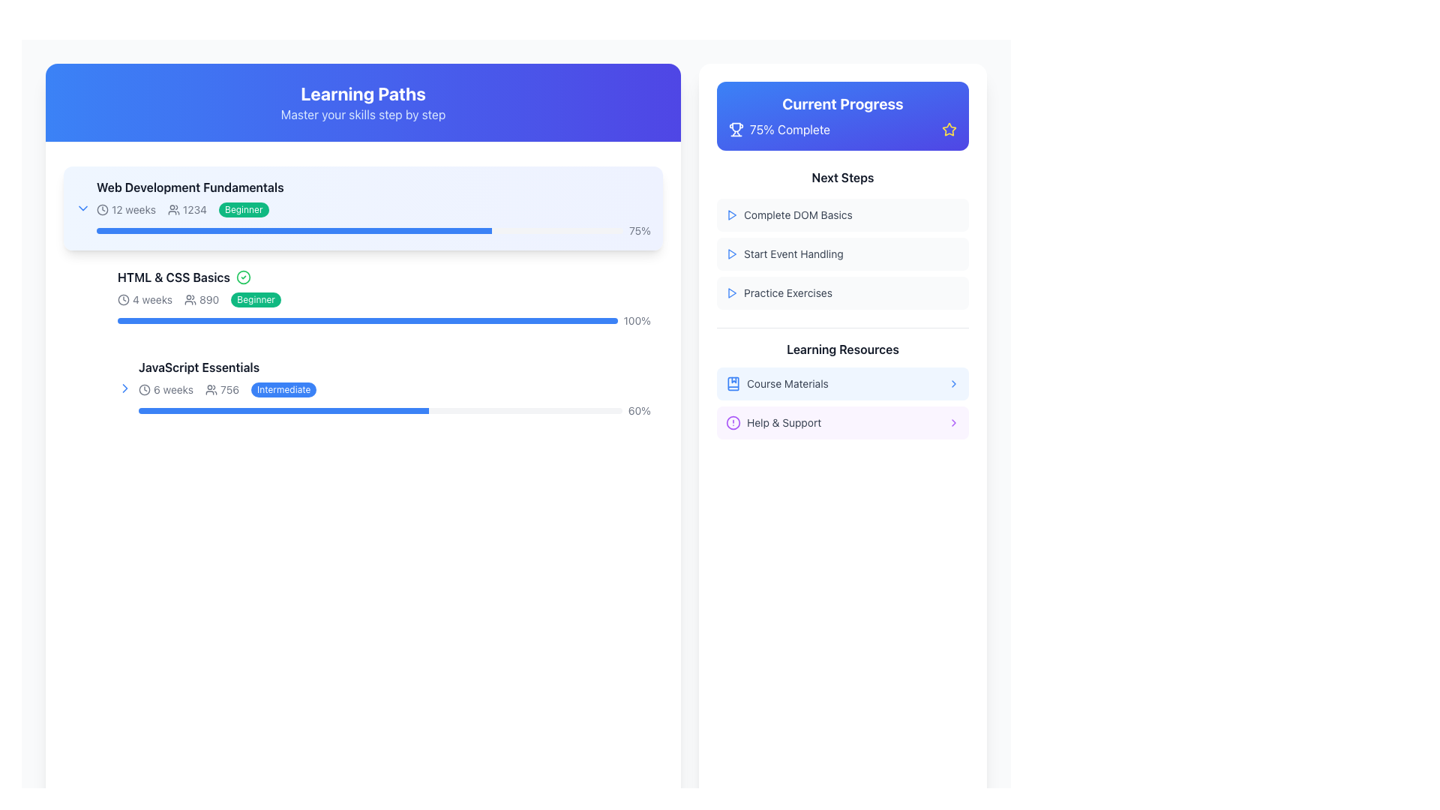 The width and height of the screenshot is (1440, 810). What do you see at coordinates (842, 383) in the screenshot?
I see `the 'Course Materials' navigation button located in the lower portion of the right panel titled 'Current Progress'` at bounding box center [842, 383].